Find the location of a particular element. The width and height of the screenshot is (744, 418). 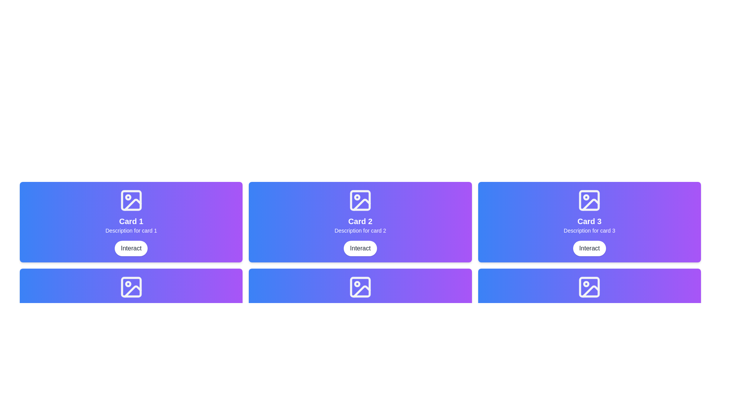

the Icon component of the image icon located in the top section of Card 3, which visually contributes to the representation of the image is located at coordinates (589, 200).